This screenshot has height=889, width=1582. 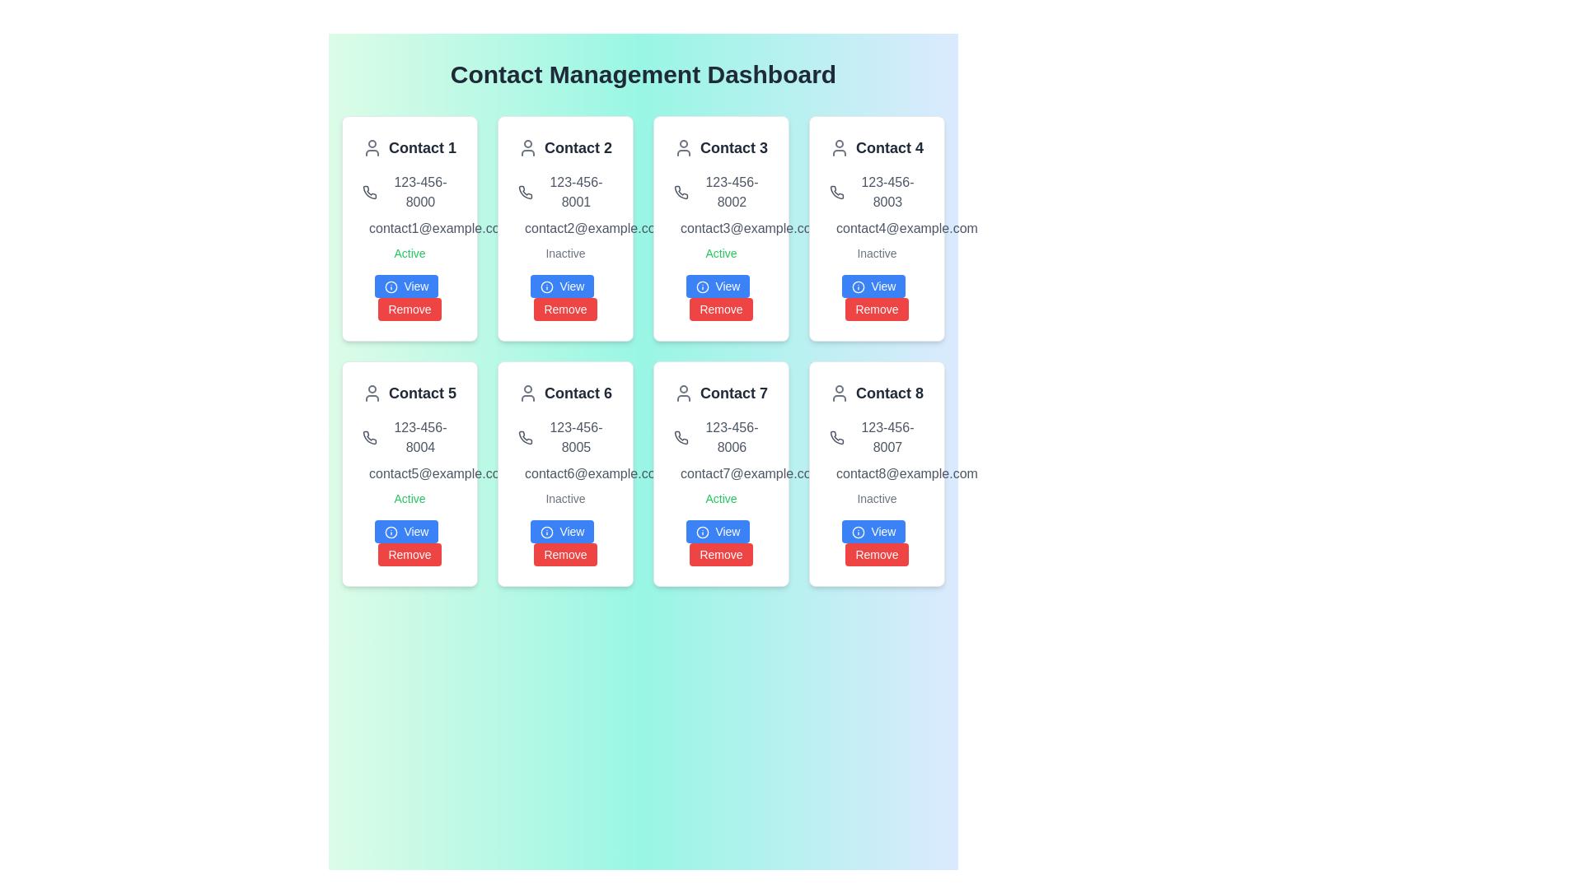 I want to click on the Text Label with Icon that displays the phone number for 'Contact 3', located right below the 'Contact 3' text and above the email address 'contact3@example.com', so click(x=721, y=192).